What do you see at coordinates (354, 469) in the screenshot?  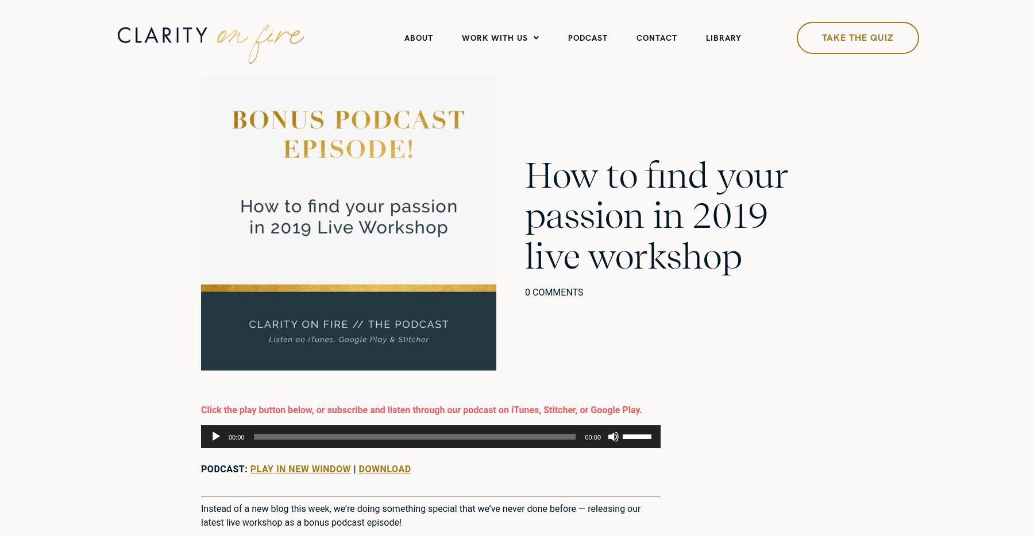 I see `'|'` at bounding box center [354, 469].